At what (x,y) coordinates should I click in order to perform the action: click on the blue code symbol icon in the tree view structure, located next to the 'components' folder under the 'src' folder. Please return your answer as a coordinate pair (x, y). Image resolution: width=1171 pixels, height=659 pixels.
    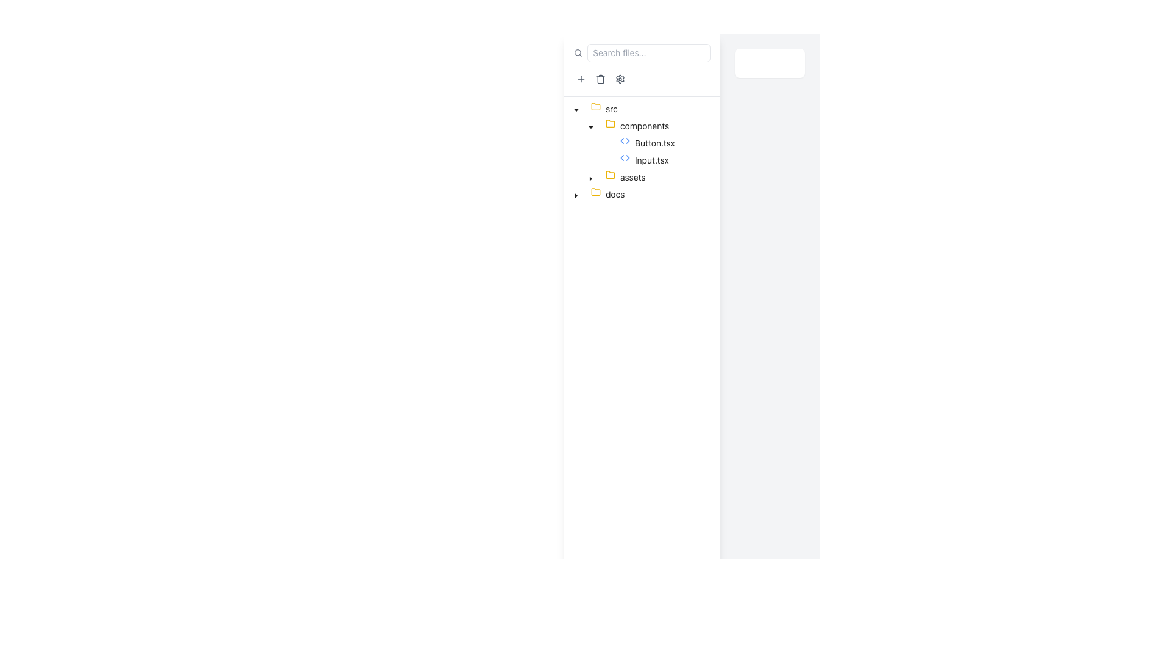
    Looking at the image, I should click on (625, 157).